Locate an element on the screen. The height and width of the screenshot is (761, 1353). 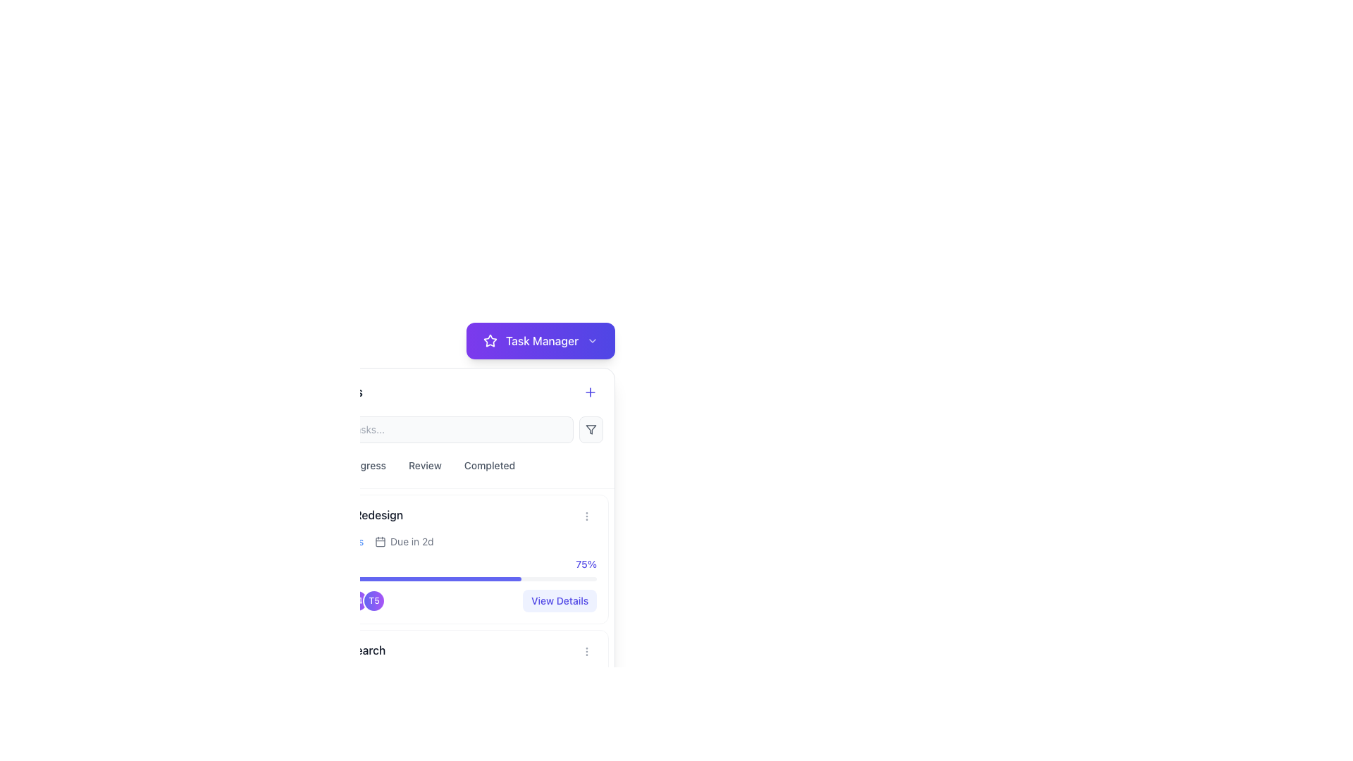
the fourth button in the row under the label 'All' is located at coordinates (490, 465).